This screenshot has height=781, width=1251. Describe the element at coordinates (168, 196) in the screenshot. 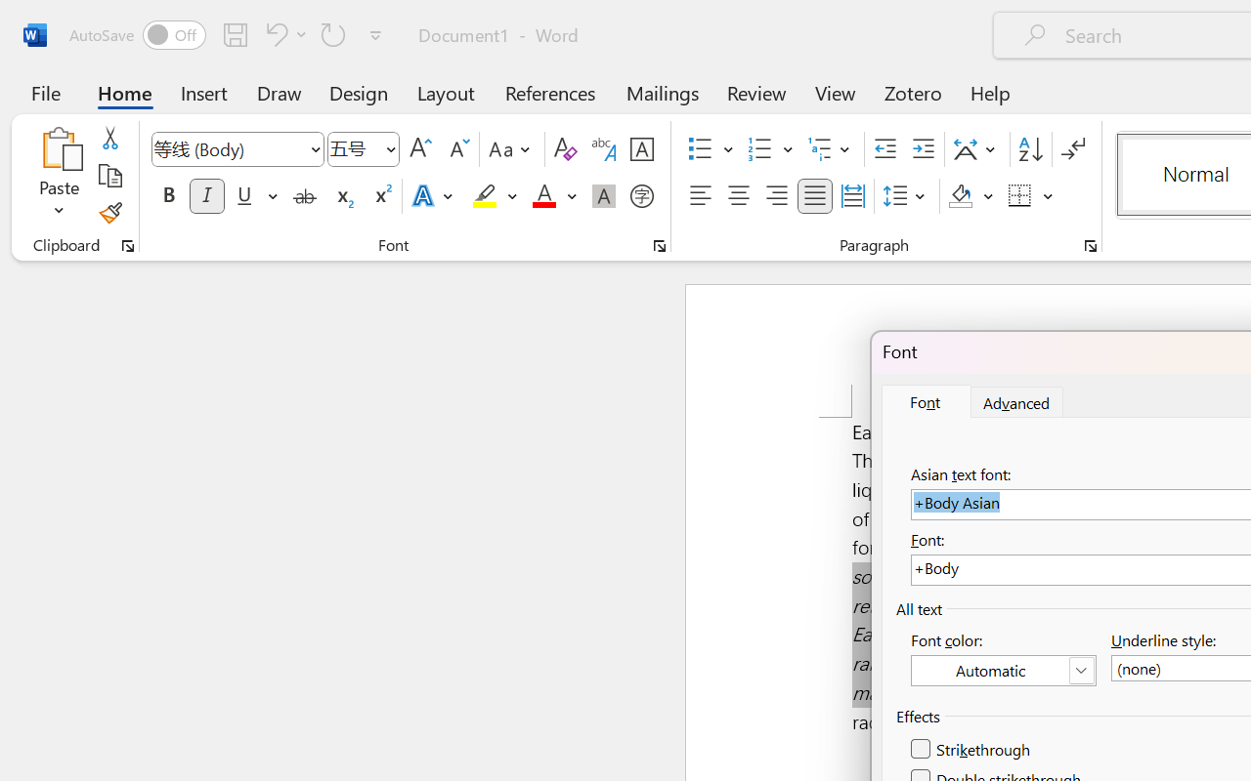

I see `'Bold'` at that location.